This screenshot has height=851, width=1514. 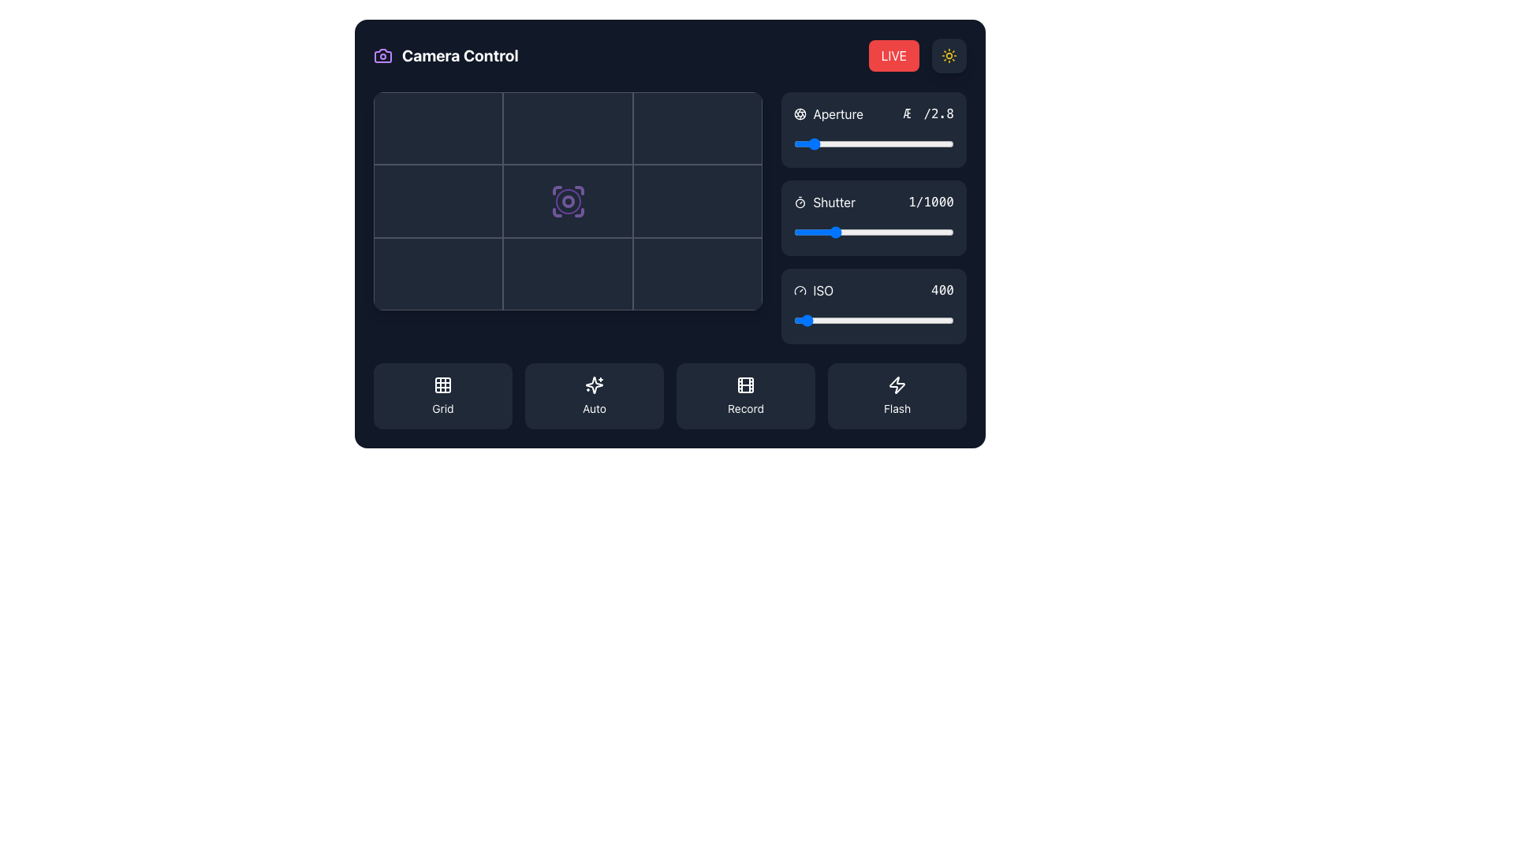 What do you see at coordinates (897, 395) in the screenshot?
I see `the rectangular button with a dark background containing a lightning bolt icon and the text 'Flash'` at bounding box center [897, 395].